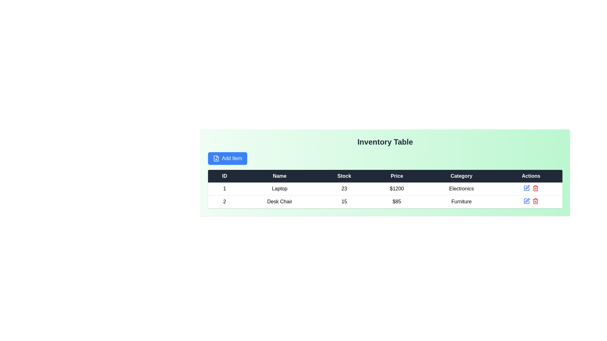 The height and width of the screenshot is (341, 607). I want to click on the table header cell labeled 'Category', which has a dark background and white text, indicating the 'Category' column, so click(461, 176).